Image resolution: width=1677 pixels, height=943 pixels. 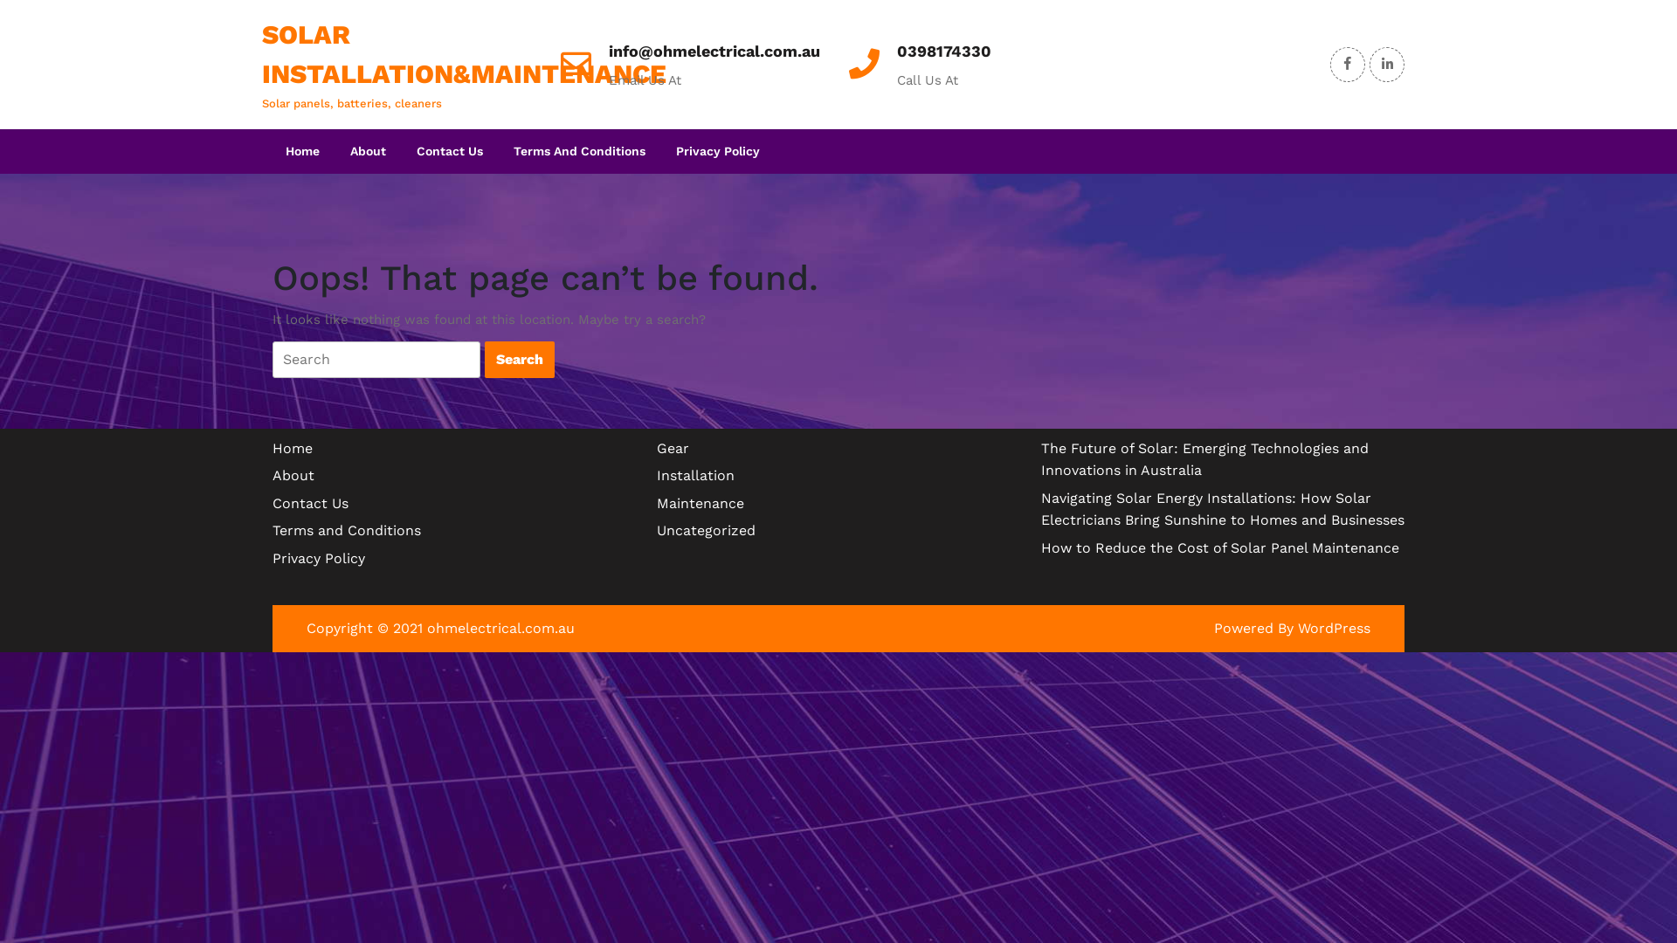 I want to click on '0398174330, so click(x=942, y=50).